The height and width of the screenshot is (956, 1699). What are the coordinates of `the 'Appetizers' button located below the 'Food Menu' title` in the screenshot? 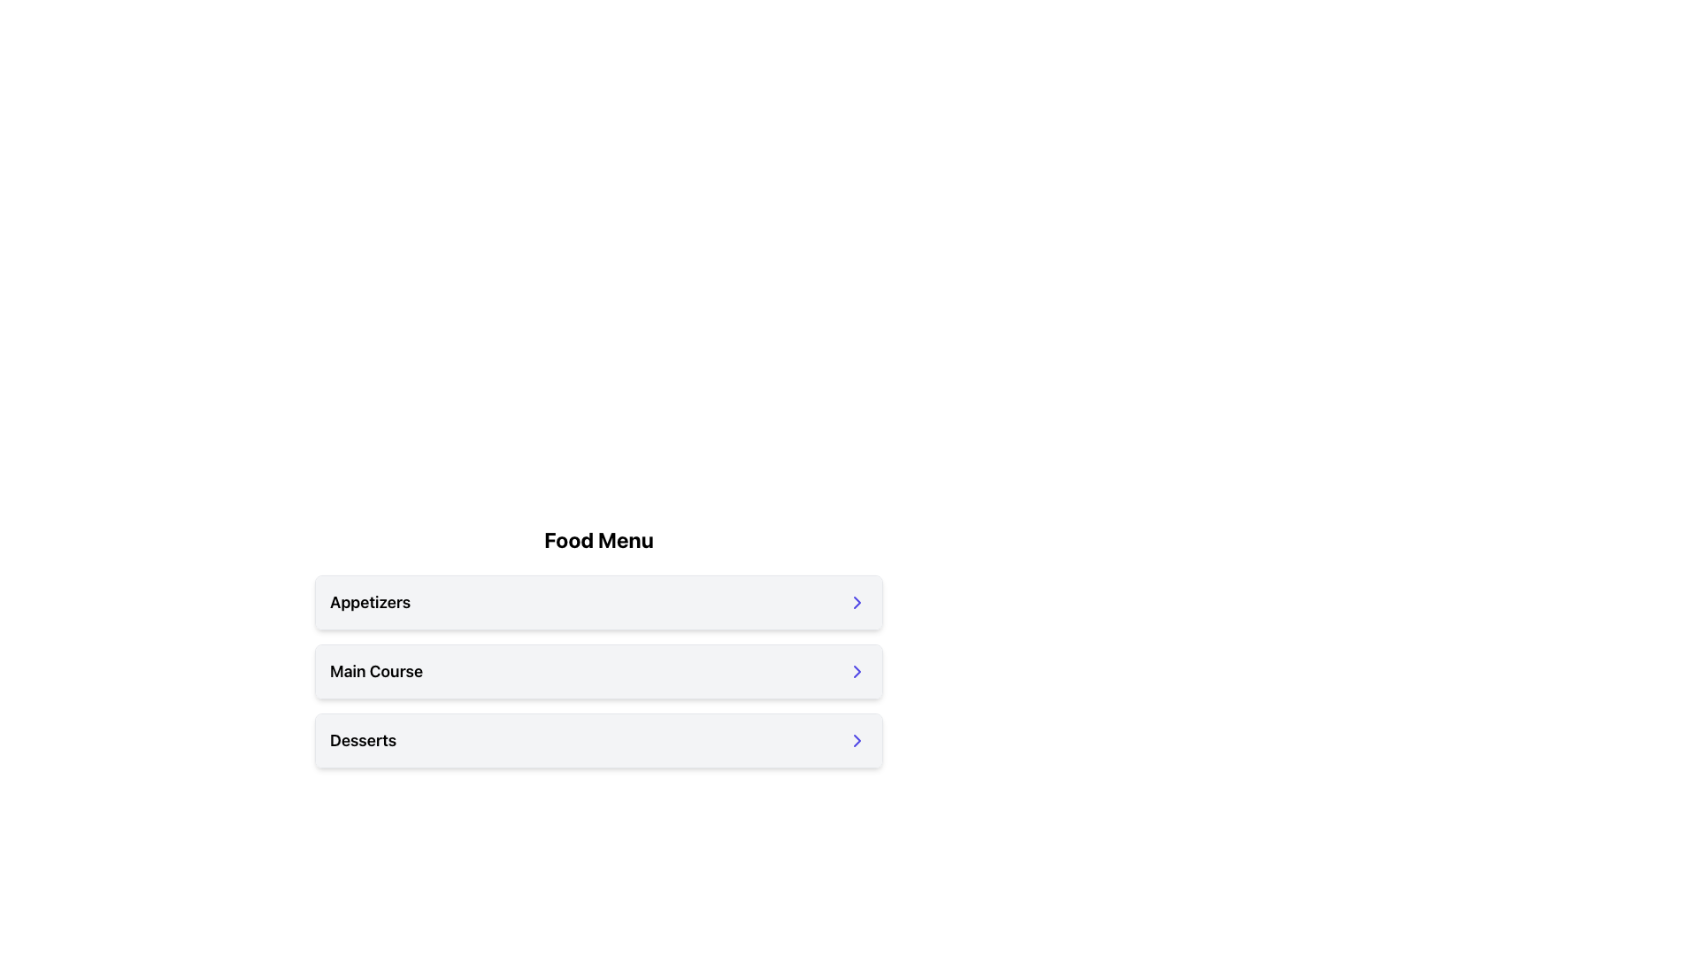 It's located at (598, 602).